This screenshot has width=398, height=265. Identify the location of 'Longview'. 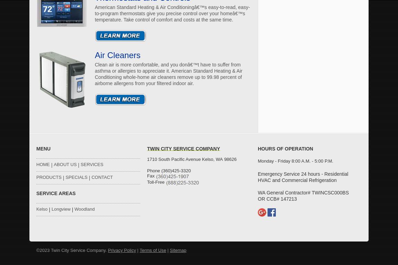
(60, 209).